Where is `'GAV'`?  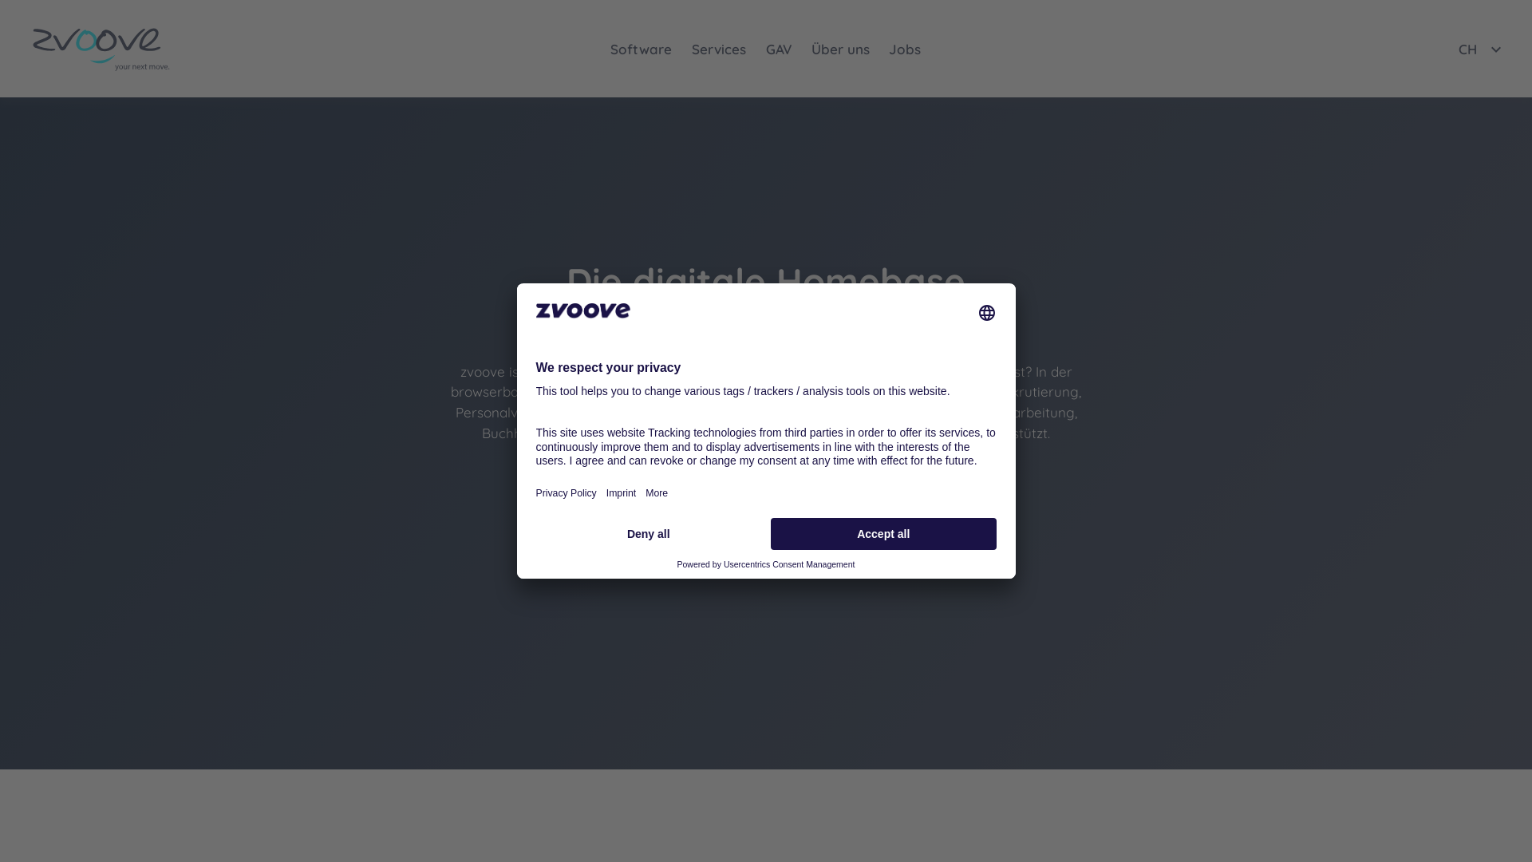
'GAV' is located at coordinates (756, 48).